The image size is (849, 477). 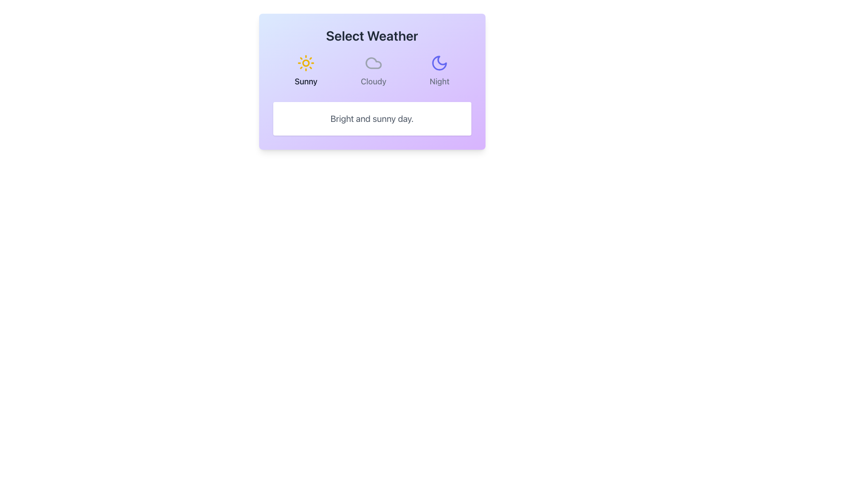 What do you see at coordinates (306, 62) in the screenshot?
I see `the small circular SVG Circle Element representing 'Sunny' within the weather selection options interface` at bounding box center [306, 62].